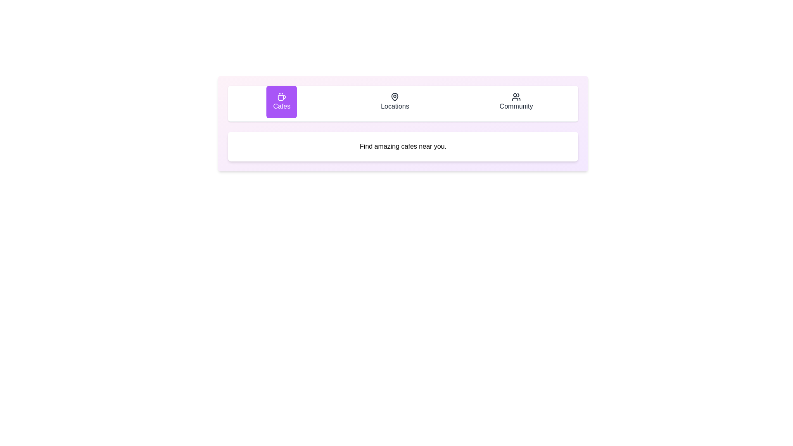 Image resolution: width=793 pixels, height=446 pixels. What do you see at coordinates (516, 97) in the screenshot?
I see `the 'Community' icon, which represents a group of people with a line art design, located in the top-right menu bar for navigation` at bounding box center [516, 97].